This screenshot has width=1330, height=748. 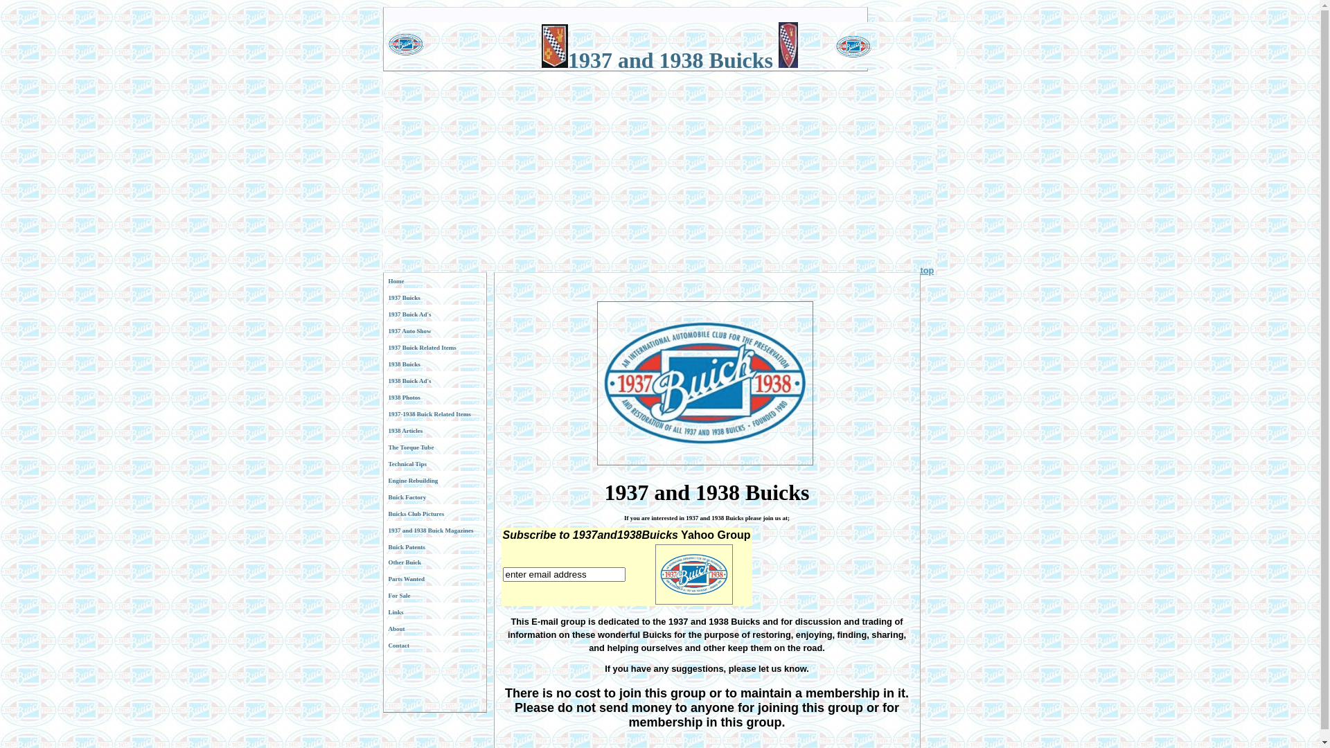 I want to click on 'Technical Tips', so click(x=434, y=464).